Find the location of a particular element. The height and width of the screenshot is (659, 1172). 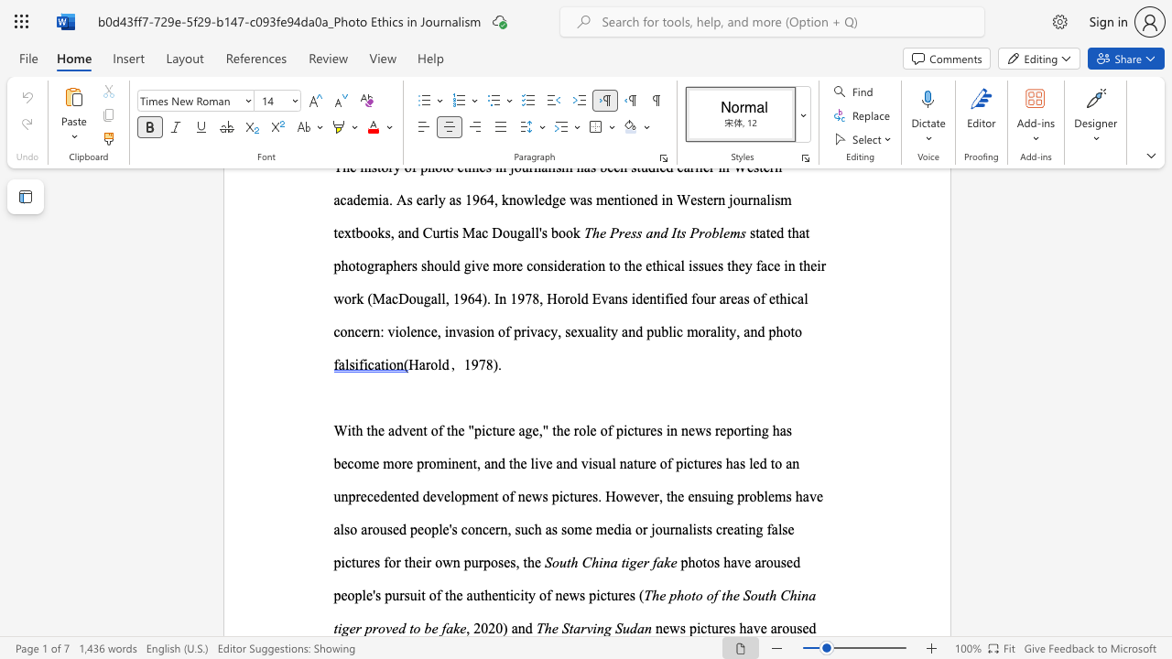

the subset text "da" within the text "The Starving Sudan" is located at coordinates (630, 627).